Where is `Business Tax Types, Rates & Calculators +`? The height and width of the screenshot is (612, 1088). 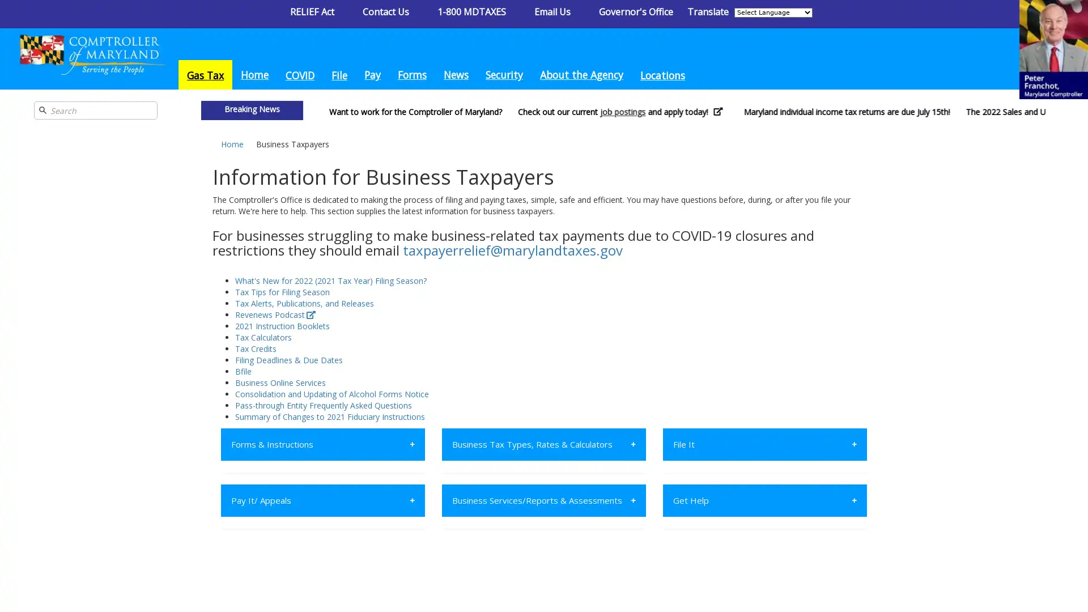 Business Tax Types, Rates & Calculators + is located at coordinates (544, 443).